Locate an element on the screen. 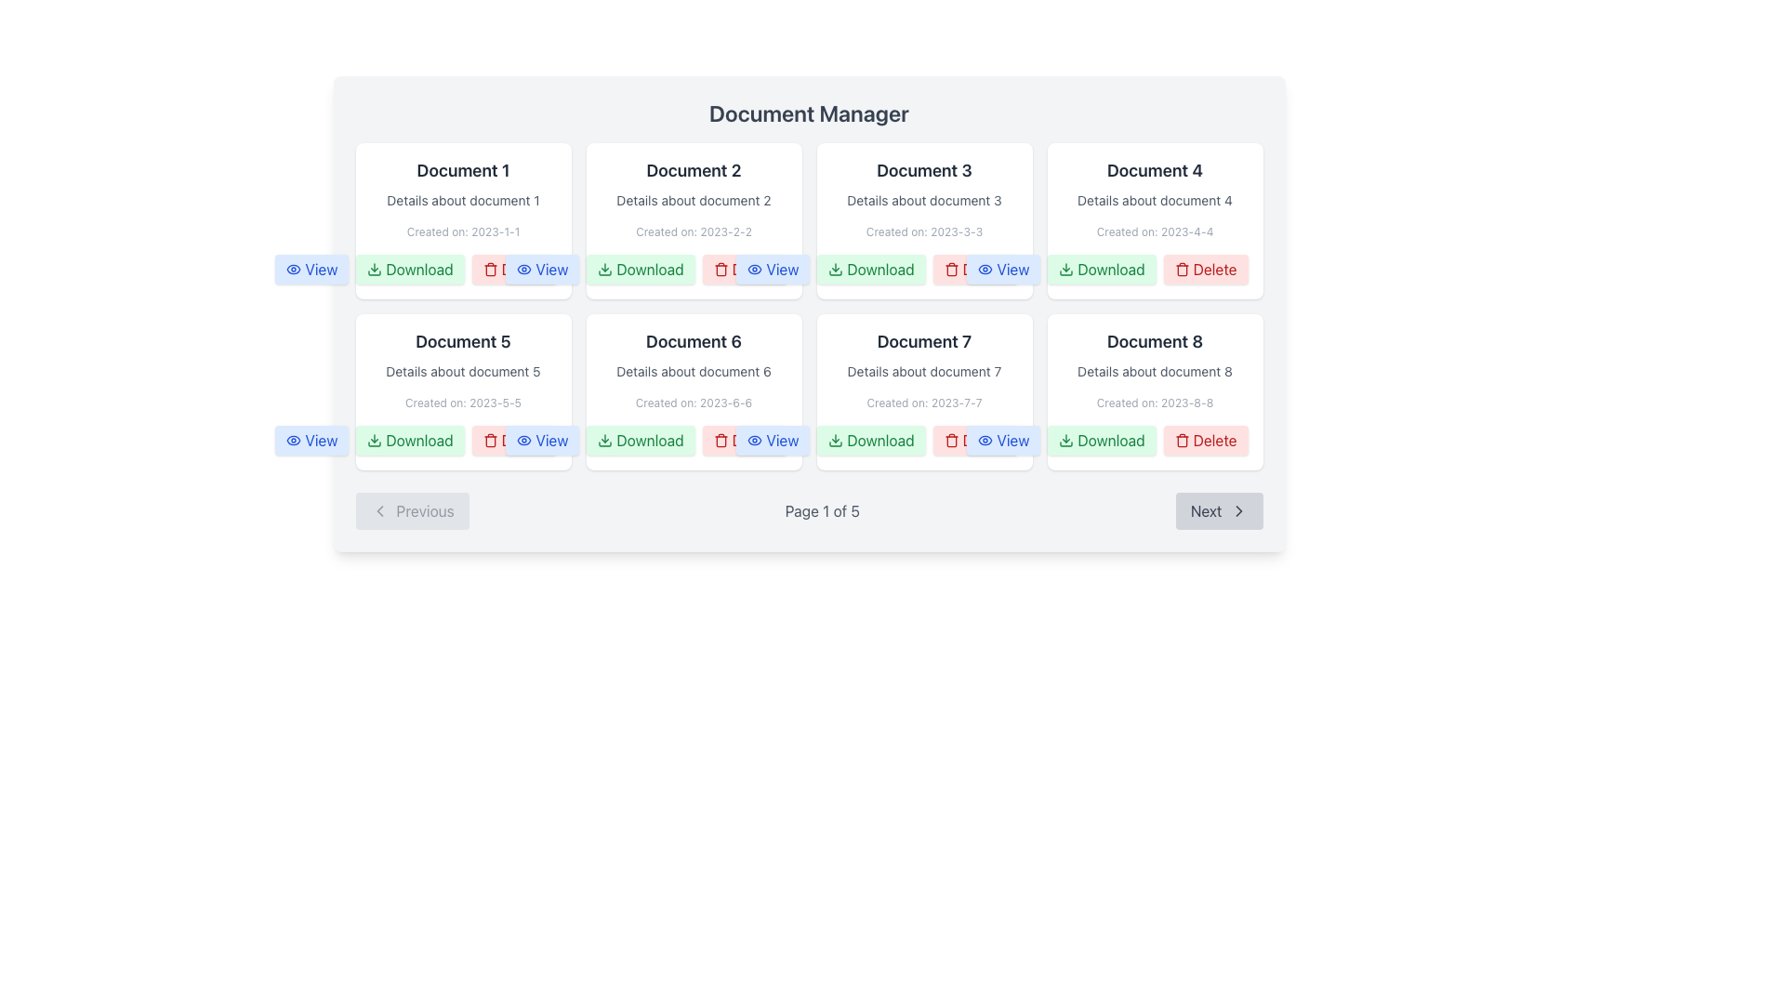  the download icon located within the 'Download' button under the card labeled 'Document 8' in the last column of the second row of the document grid is located at coordinates (1066, 441).